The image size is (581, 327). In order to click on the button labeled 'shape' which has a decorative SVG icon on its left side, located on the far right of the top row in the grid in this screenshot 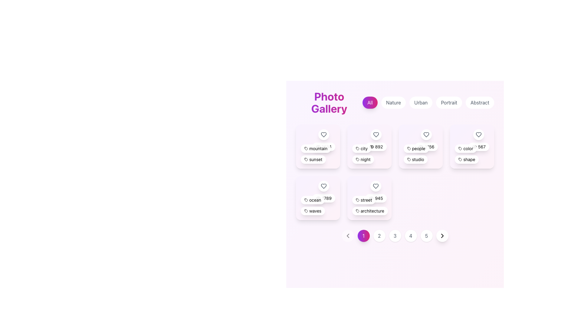, I will do `click(460, 159)`.